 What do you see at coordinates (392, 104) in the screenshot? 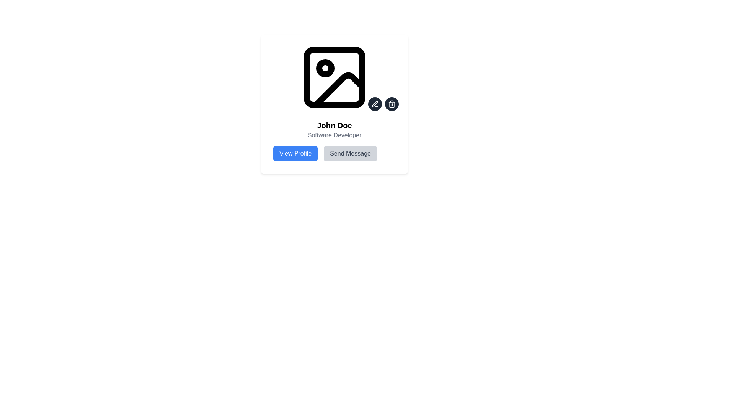
I see `the small circular button with a dark gray background and a white trashcan icon located in the lower right corner of the user profile card` at bounding box center [392, 104].